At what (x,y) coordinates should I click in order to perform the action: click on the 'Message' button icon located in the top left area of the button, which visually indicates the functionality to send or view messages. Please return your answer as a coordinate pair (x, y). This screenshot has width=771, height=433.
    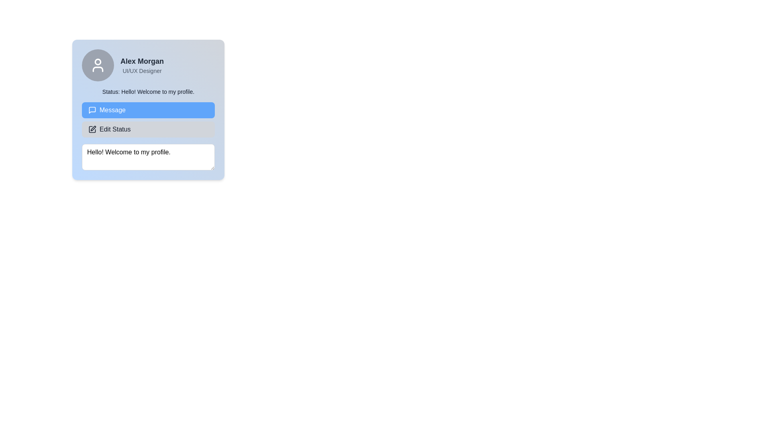
    Looking at the image, I should click on (92, 110).